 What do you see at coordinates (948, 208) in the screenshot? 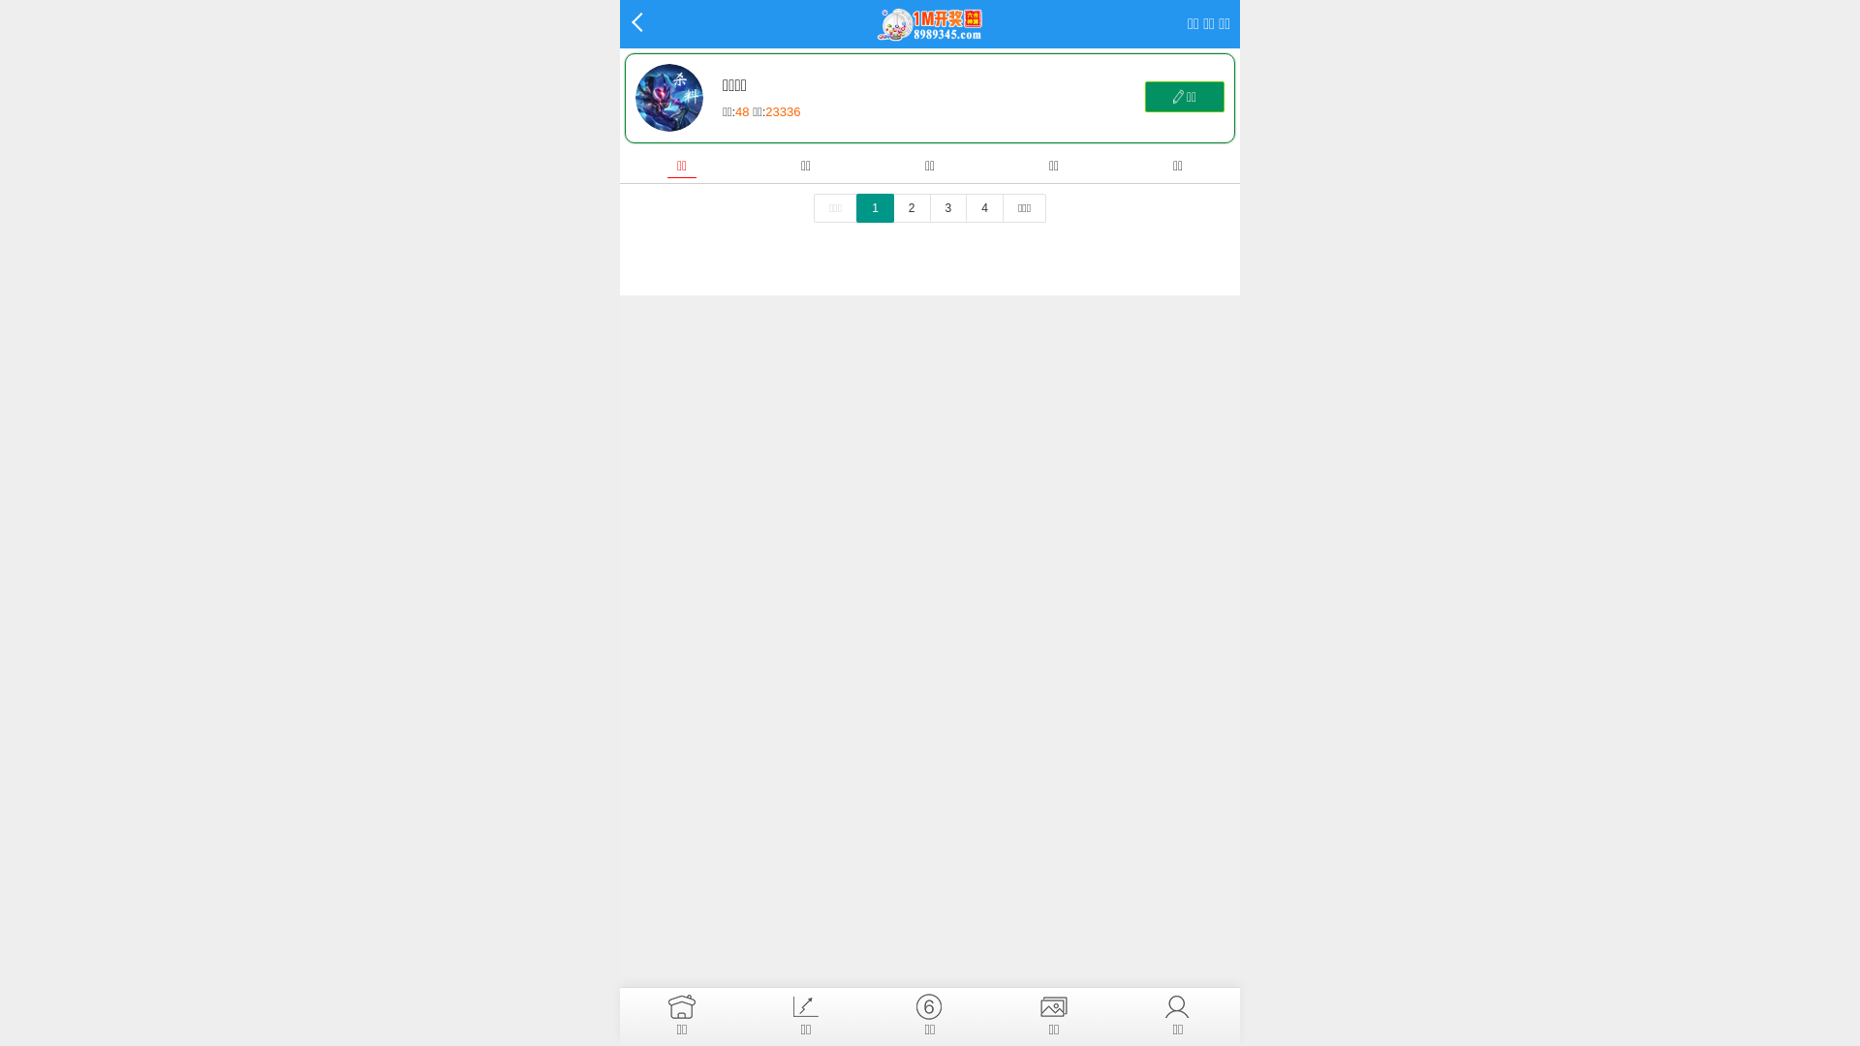
I see `'3'` at bounding box center [948, 208].